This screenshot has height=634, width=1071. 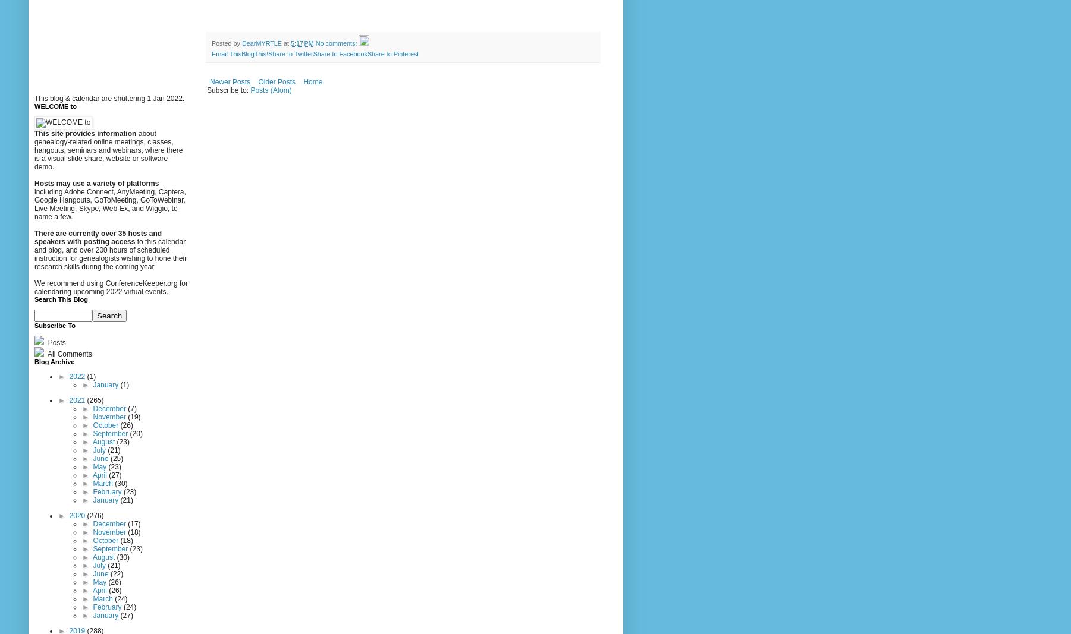 I want to click on '(22)', so click(x=116, y=573).